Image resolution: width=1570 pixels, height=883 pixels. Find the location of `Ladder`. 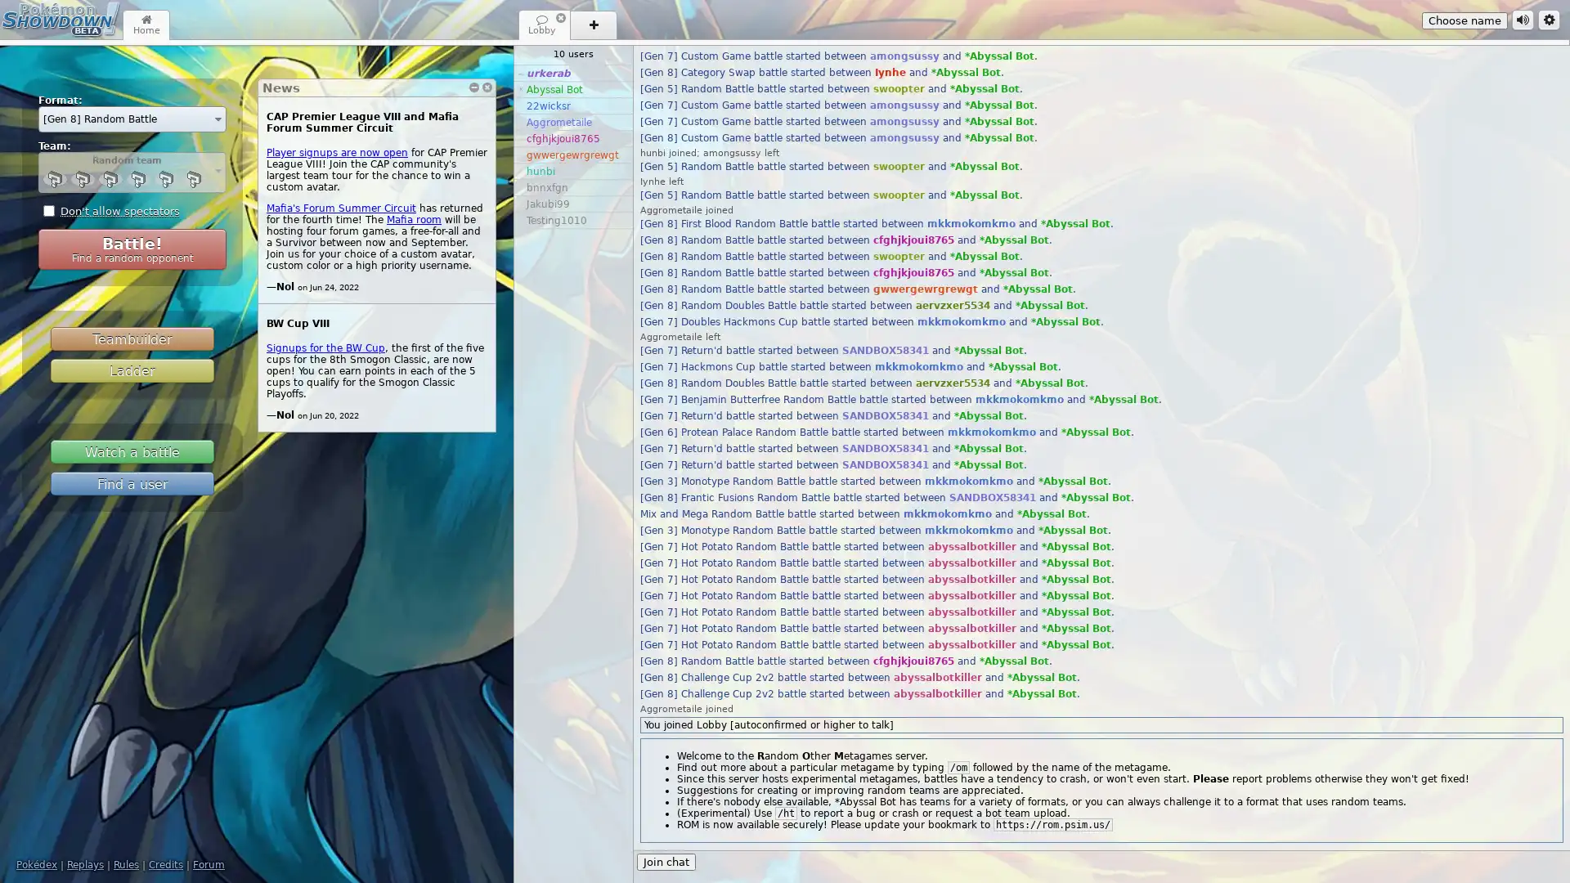

Ladder is located at coordinates (132, 370).